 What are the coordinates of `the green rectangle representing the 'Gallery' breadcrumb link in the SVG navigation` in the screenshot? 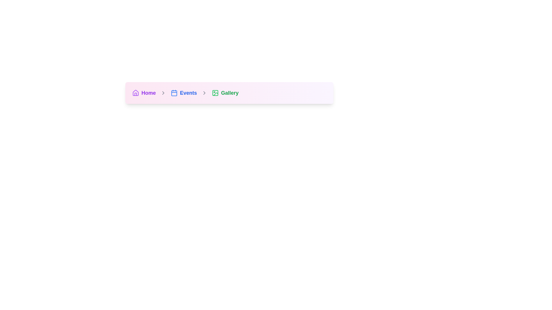 It's located at (215, 93).